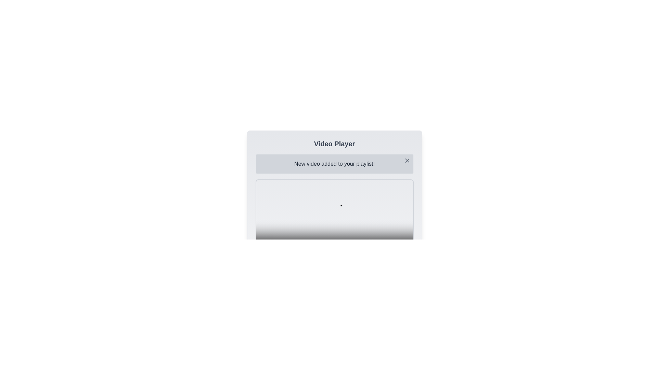 This screenshot has height=369, width=657. I want to click on the Close button 'x' icon in the top-right corner of the notification message box stating 'New video added to your playlist!' to potentially reveal a tooltip, so click(407, 161).